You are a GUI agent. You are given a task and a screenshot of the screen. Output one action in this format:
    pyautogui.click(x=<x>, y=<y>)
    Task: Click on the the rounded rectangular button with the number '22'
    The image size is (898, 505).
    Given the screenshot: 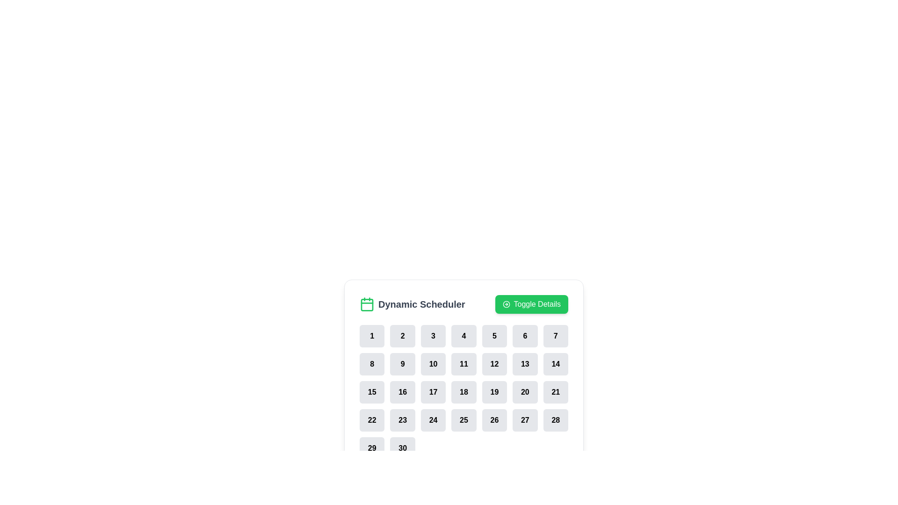 What is the action you would take?
    pyautogui.click(x=371, y=419)
    